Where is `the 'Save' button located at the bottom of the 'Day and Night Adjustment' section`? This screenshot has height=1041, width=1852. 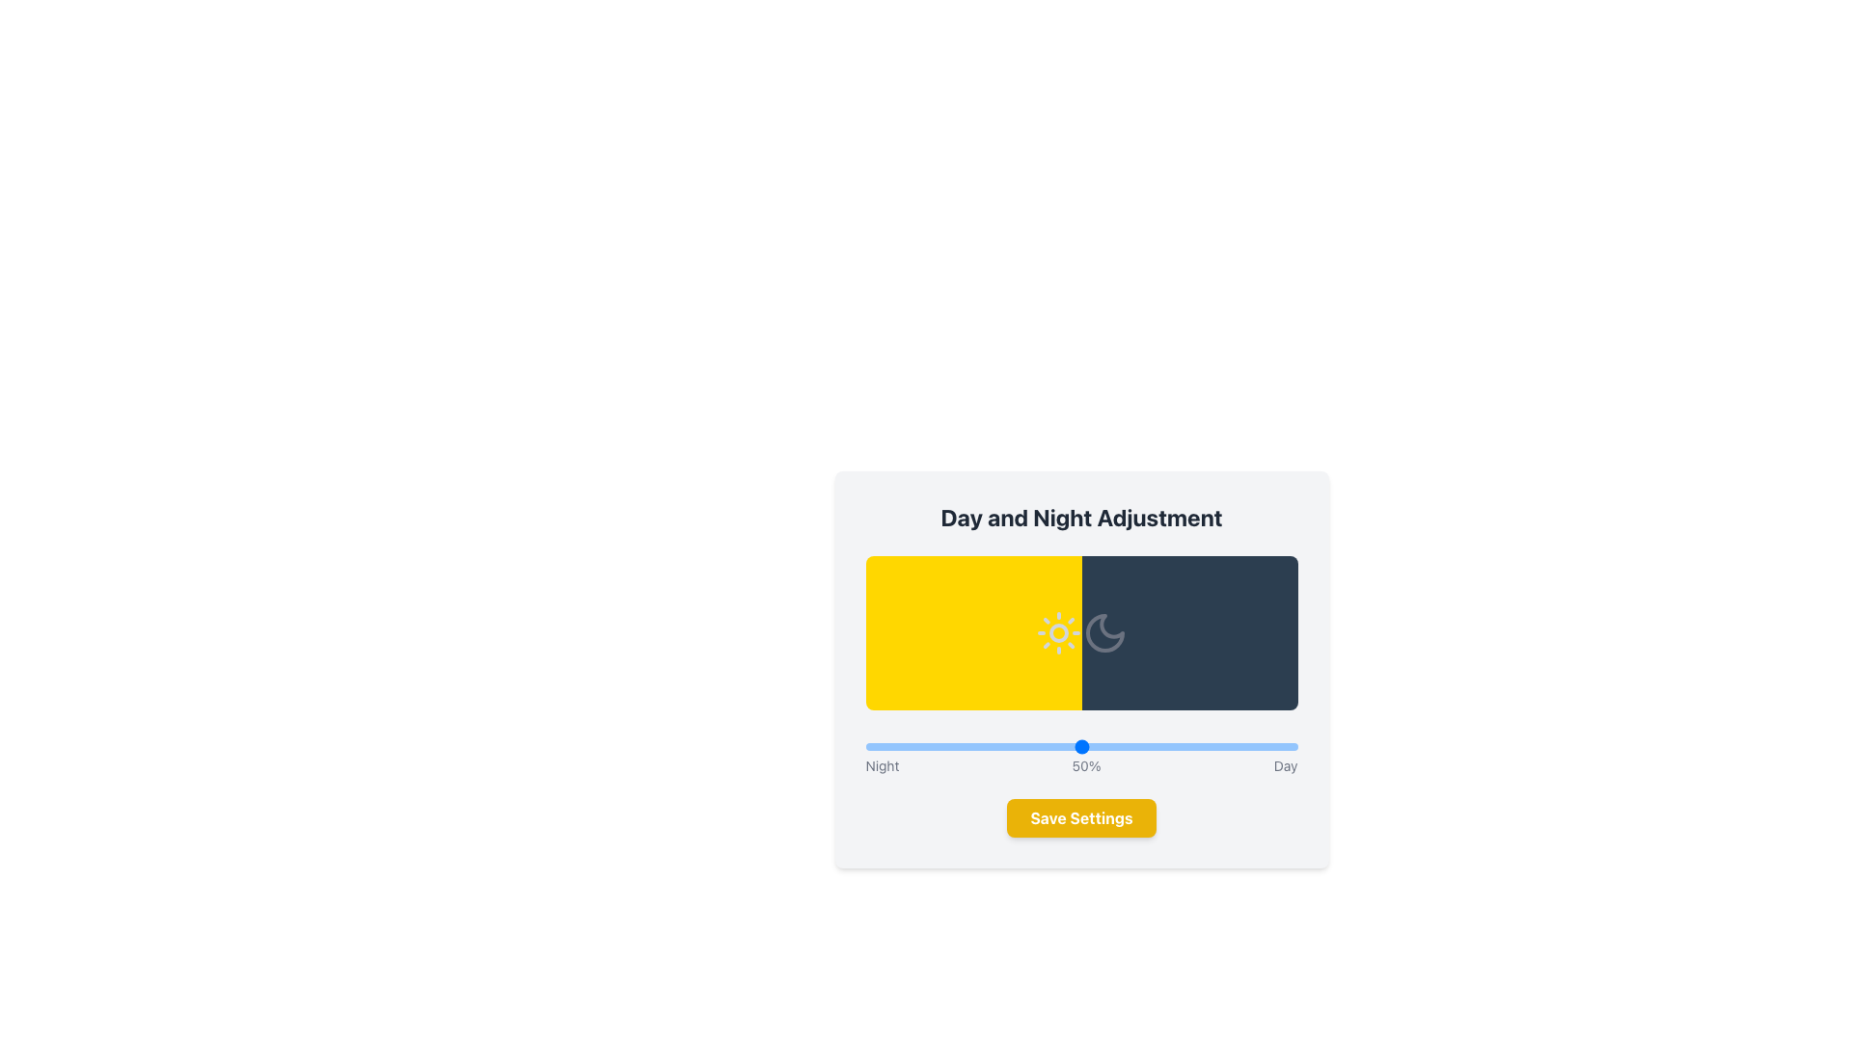 the 'Save' button located at the bottom of the 'Day and Night Adjustment' section is located at coordinates (1081, 817).